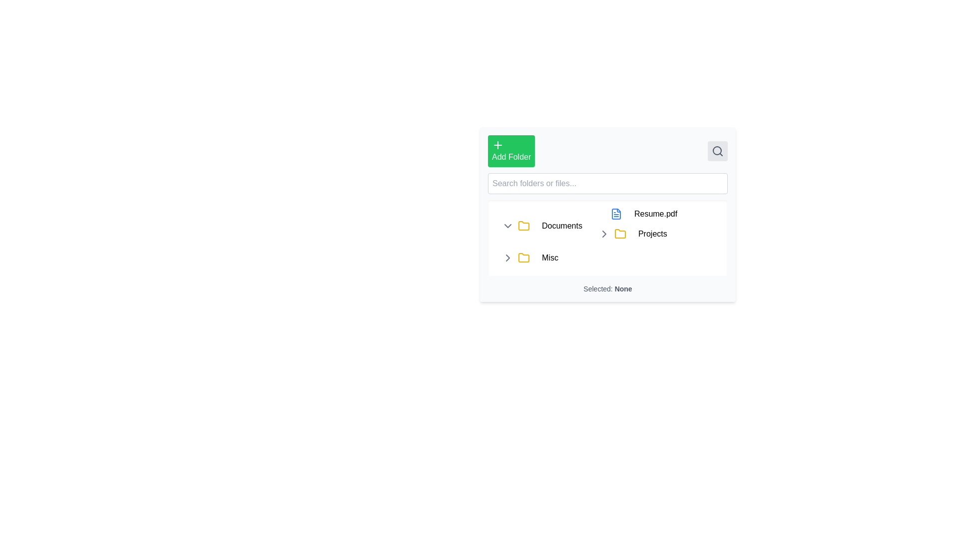 Image resolution: width=959 pixels, height=539 pixels. What do you see at coordinates (640, 234) in the screenshot?
I see `the yellow folder icon labeled 'Projects' located under the 'Documents' section` at bounding box center [640, 234].